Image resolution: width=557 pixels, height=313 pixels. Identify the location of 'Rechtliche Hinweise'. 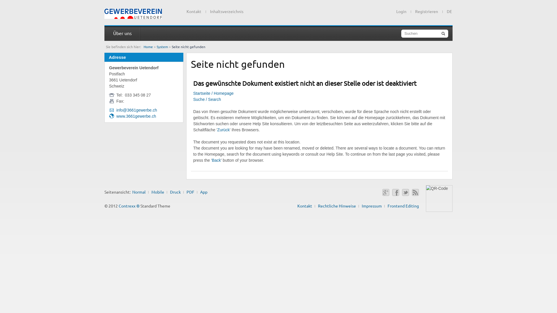
(337, 205).